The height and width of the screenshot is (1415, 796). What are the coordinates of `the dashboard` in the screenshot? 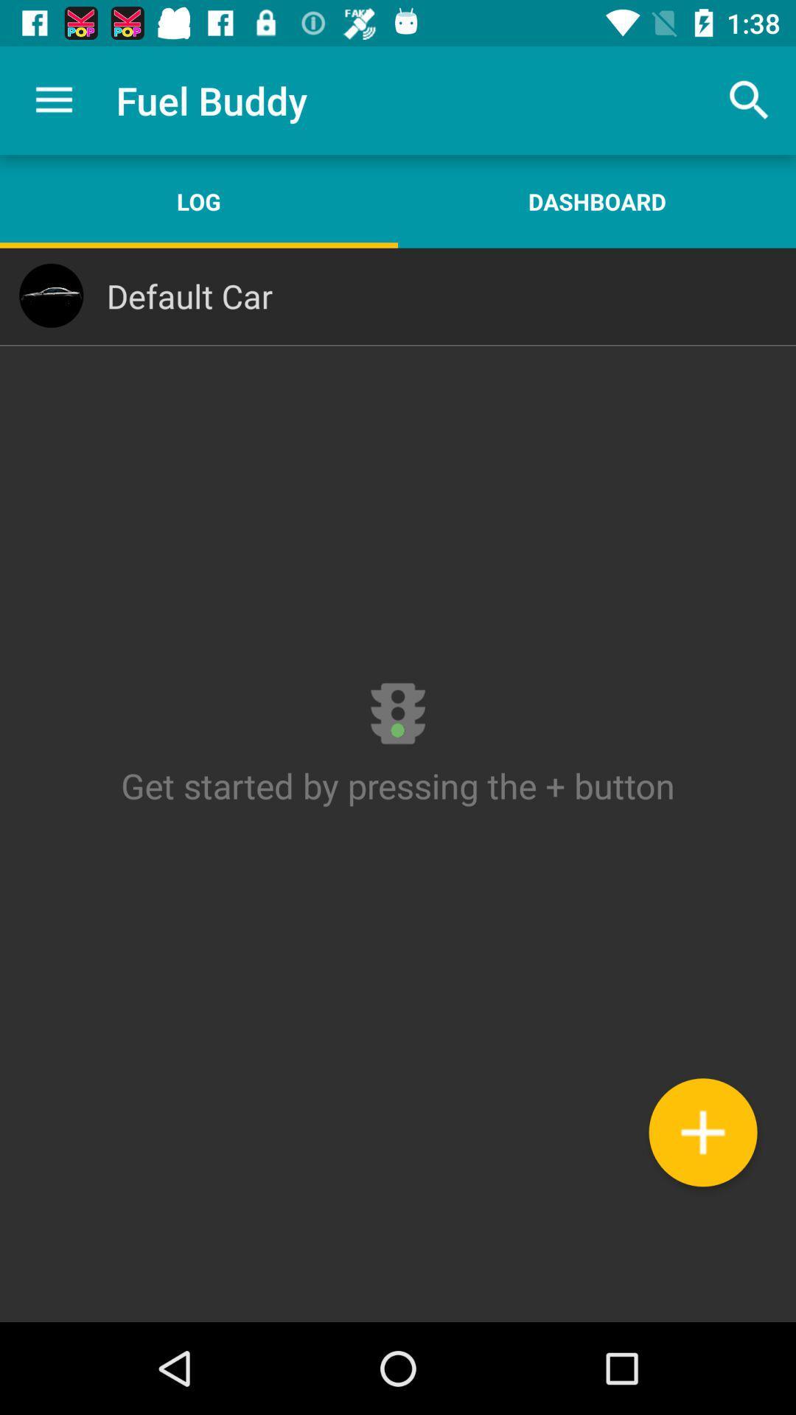 It's located at (597, 200).